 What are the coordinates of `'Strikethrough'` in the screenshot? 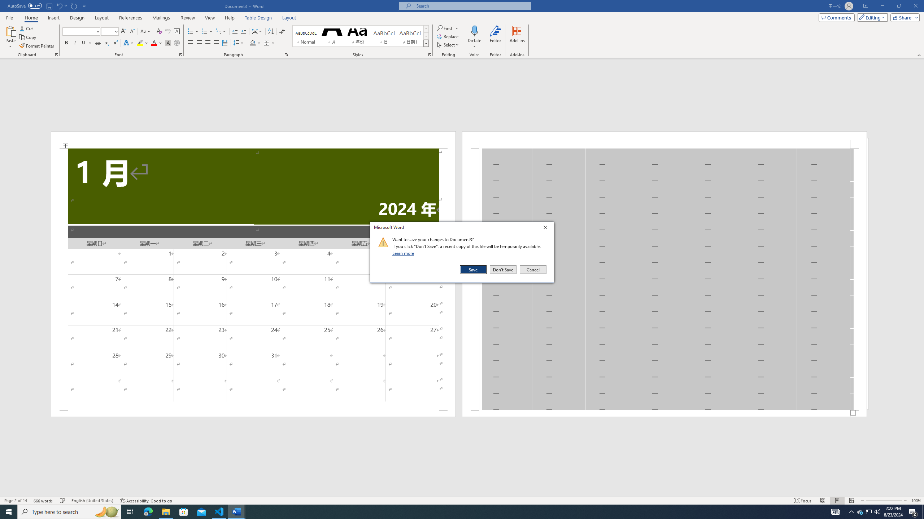 It's located at (97, 43).